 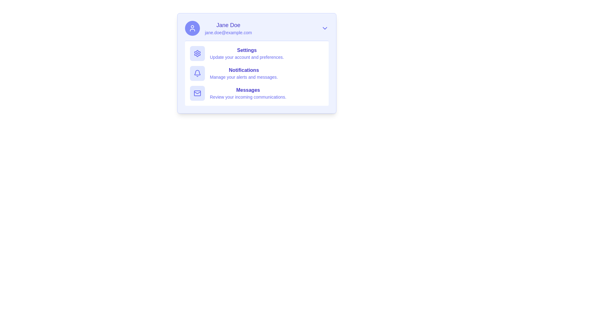 I want to click on the user profile indicator in the dropdown menu that displays the user's name, email address, and visual avatar, located at the top section of the interface, so click(x=218, y=28).